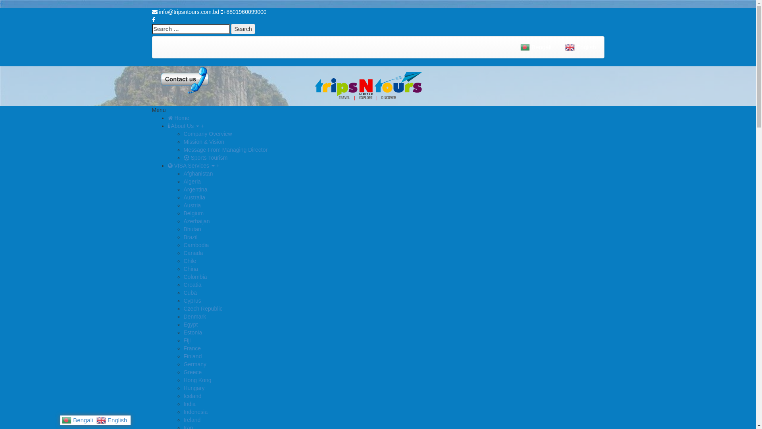  What do you see at coordinates (204, 141) in the screenshot?
I see `'Mission & Vision'` at bounding box center [204, 141].